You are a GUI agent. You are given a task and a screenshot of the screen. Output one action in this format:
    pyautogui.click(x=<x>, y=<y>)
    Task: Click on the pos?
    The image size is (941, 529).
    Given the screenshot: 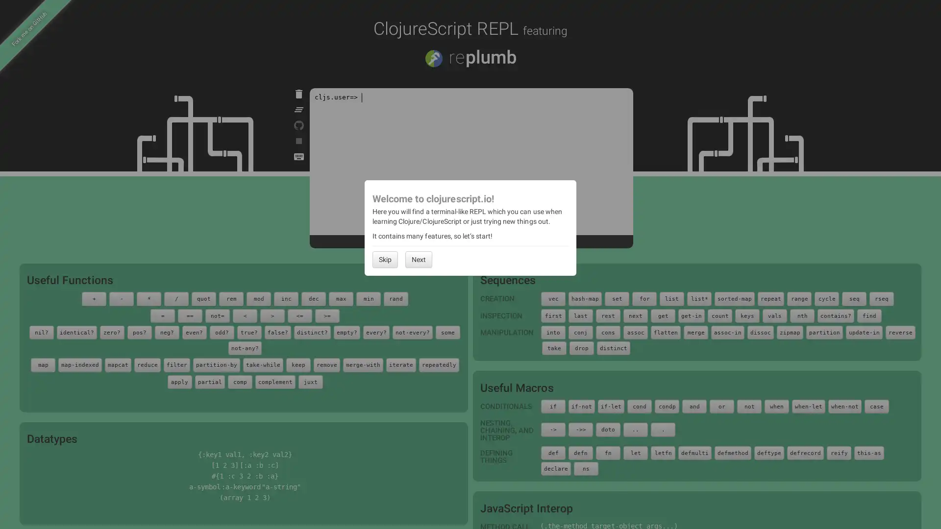 What is the action you would take?
    pyautogui.click(x=138, y=332)
    